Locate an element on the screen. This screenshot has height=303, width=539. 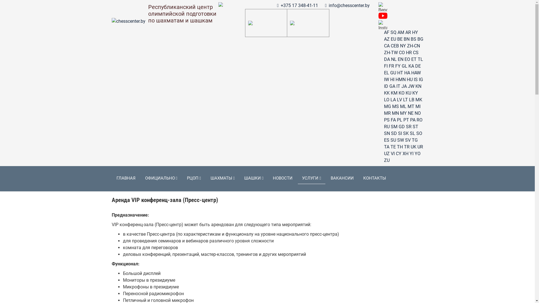
'ID' is located at coordinates (386, 86).